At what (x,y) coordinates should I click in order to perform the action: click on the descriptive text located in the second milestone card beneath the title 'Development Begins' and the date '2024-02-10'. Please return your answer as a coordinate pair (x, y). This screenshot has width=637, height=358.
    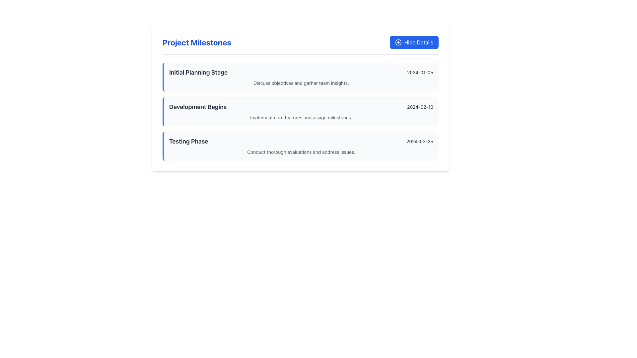
    Looking at the image, I should click on (301, 117).